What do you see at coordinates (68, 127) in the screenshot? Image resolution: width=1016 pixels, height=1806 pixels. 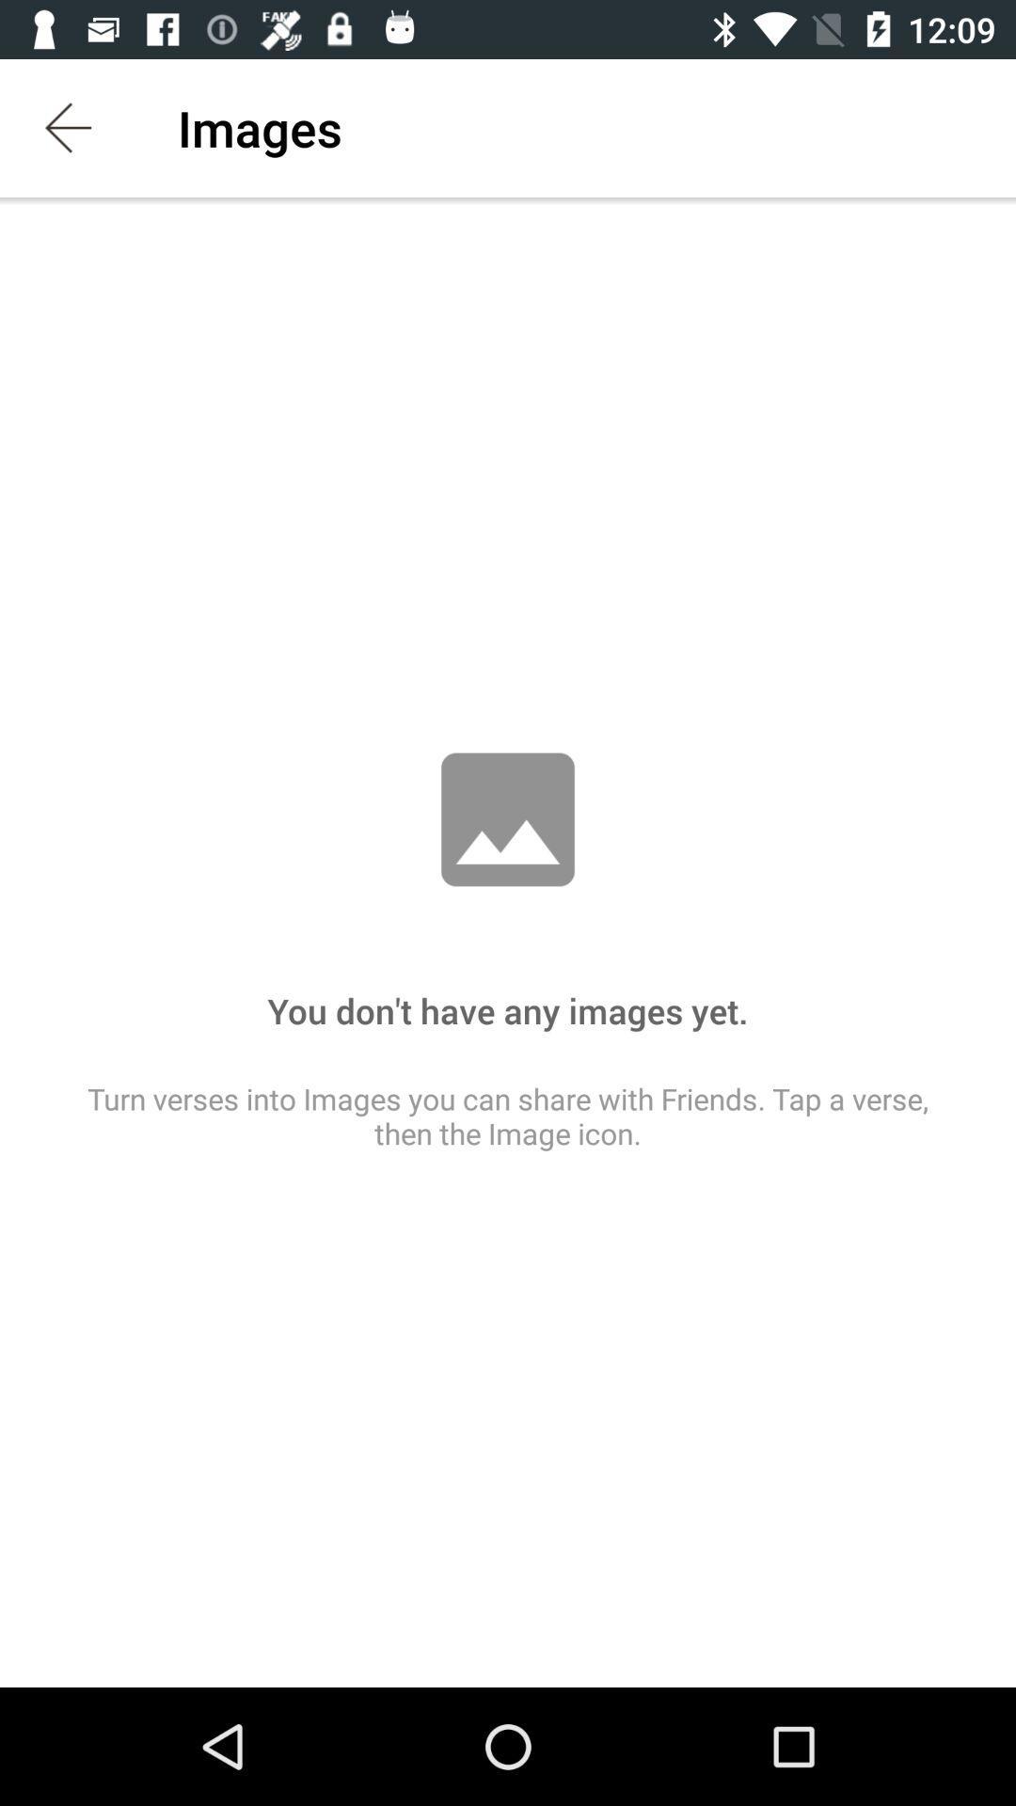 I see `the app next to the images icon` at bounding box center [68, 127].